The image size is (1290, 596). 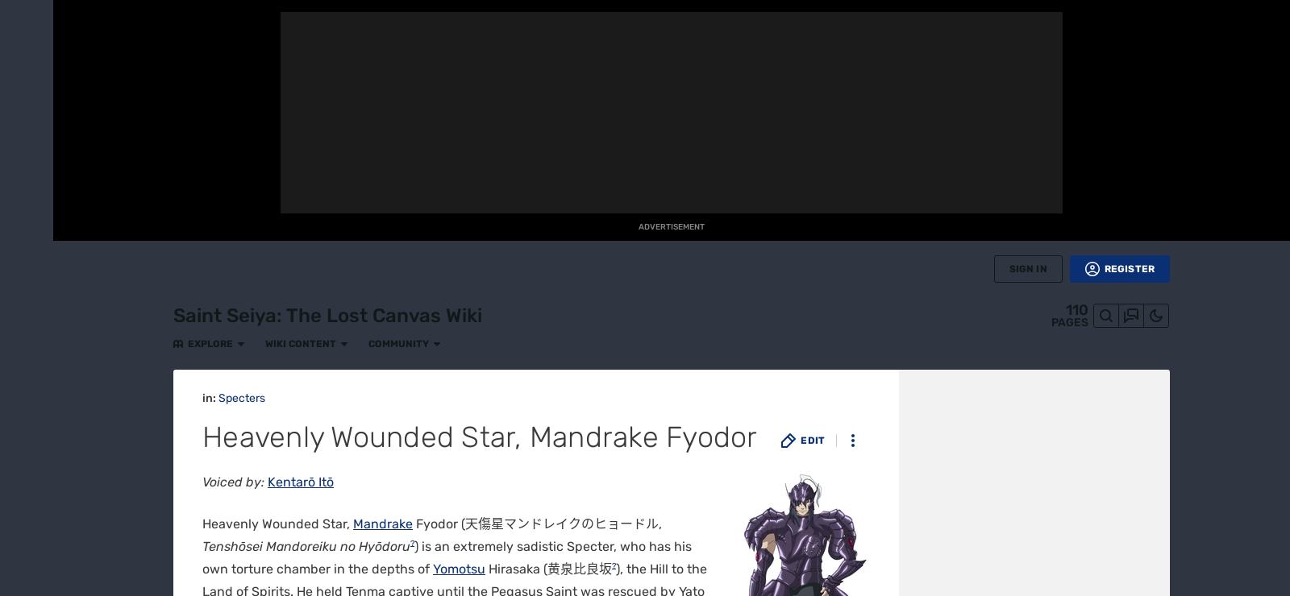 I want to click on 'unless otherwise noted.', so click(x=514, y=116).